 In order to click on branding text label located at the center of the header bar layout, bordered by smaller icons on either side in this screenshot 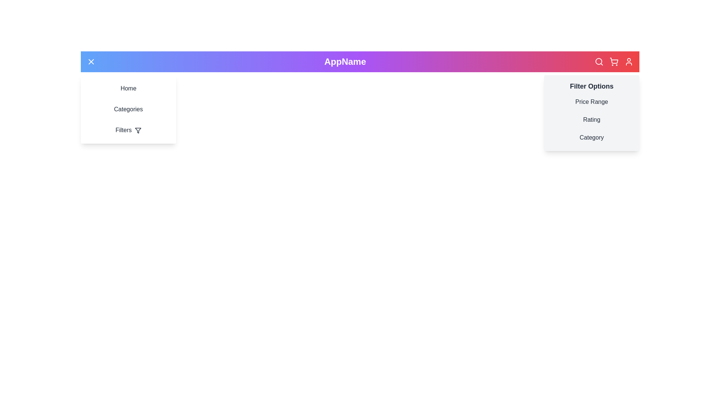, I will do `click(344, 61)`.